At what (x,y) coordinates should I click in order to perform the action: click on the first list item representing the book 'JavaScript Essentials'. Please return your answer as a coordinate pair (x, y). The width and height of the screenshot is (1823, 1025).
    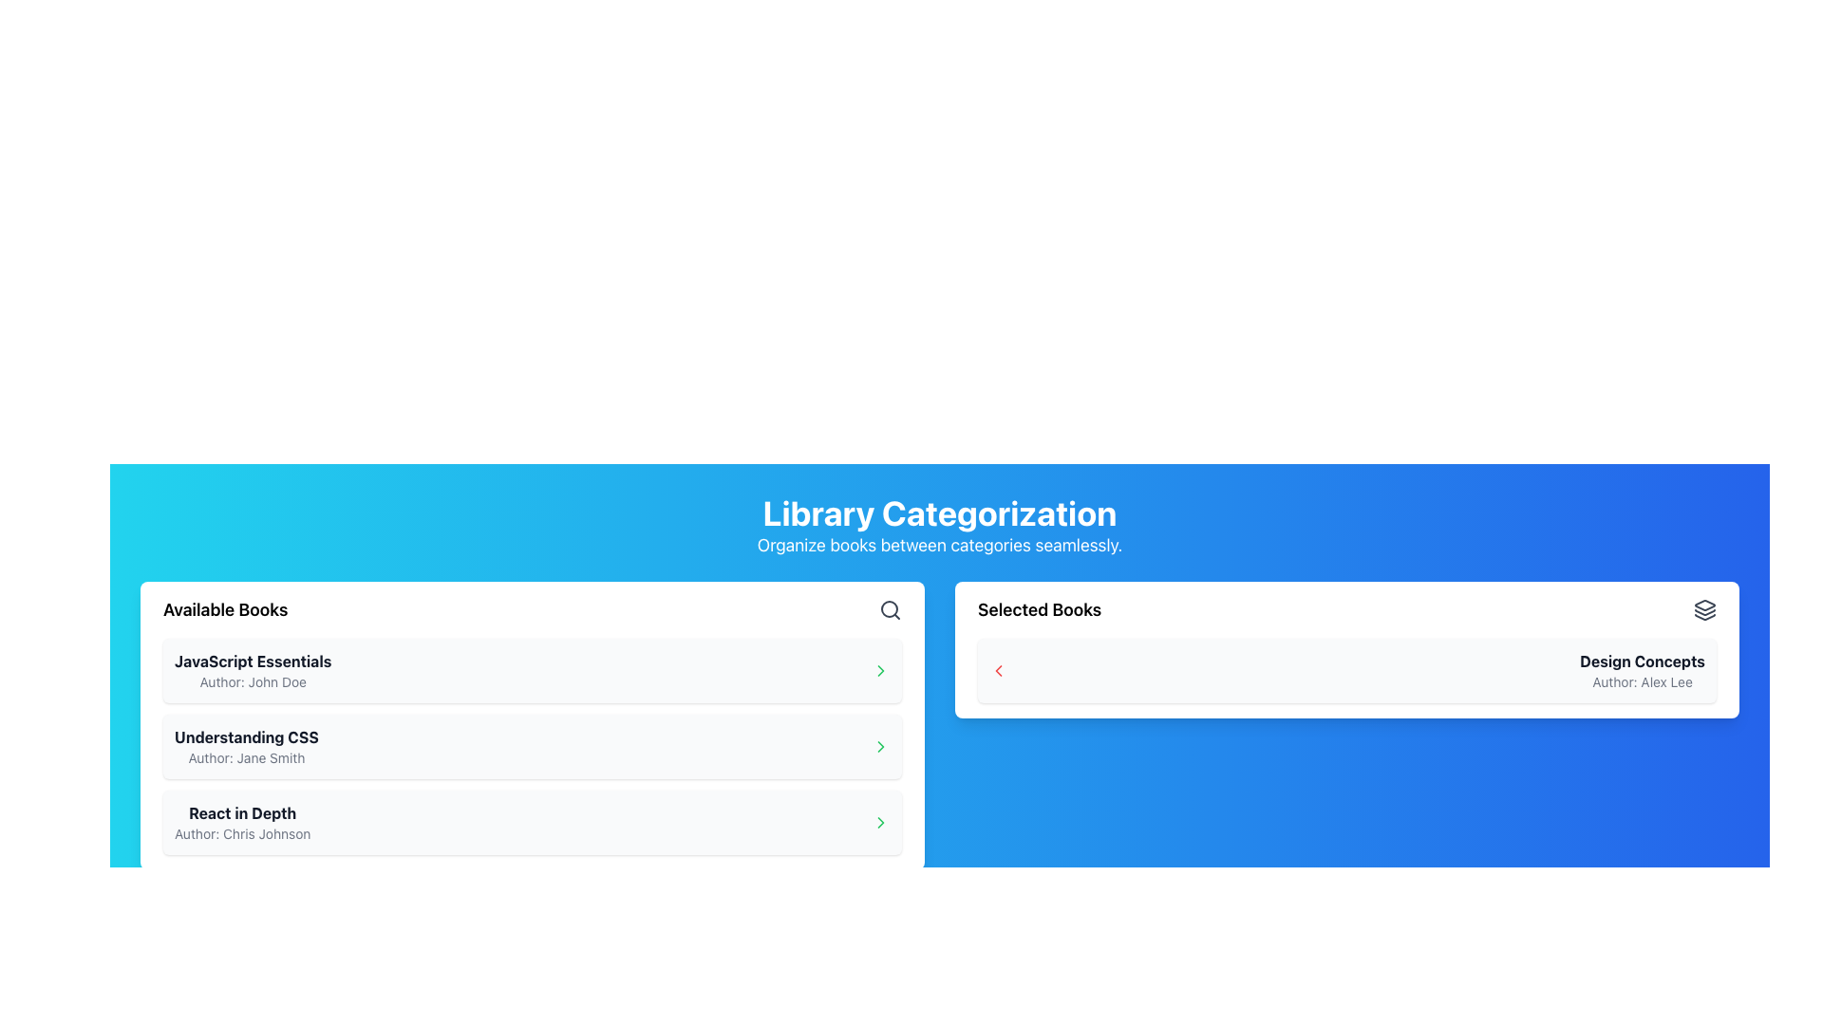
    Looking at the image, I should click on (532, 669).